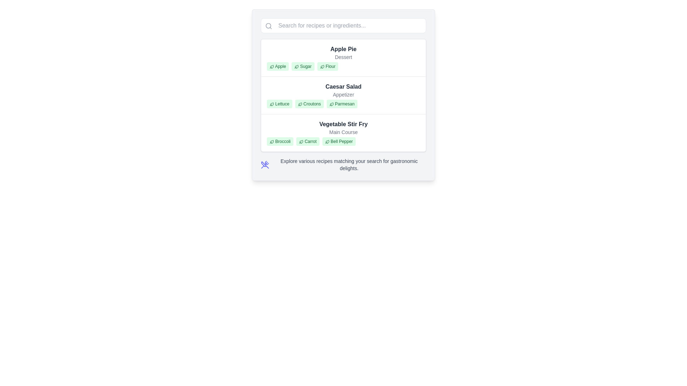 The image size is (687, 386). Describe the element at coordinates (271, 66) in the screenshot. I see `the small green-stroked leaf icon associated with the 'Apple' tag in the ingredient list for more details` at that location.